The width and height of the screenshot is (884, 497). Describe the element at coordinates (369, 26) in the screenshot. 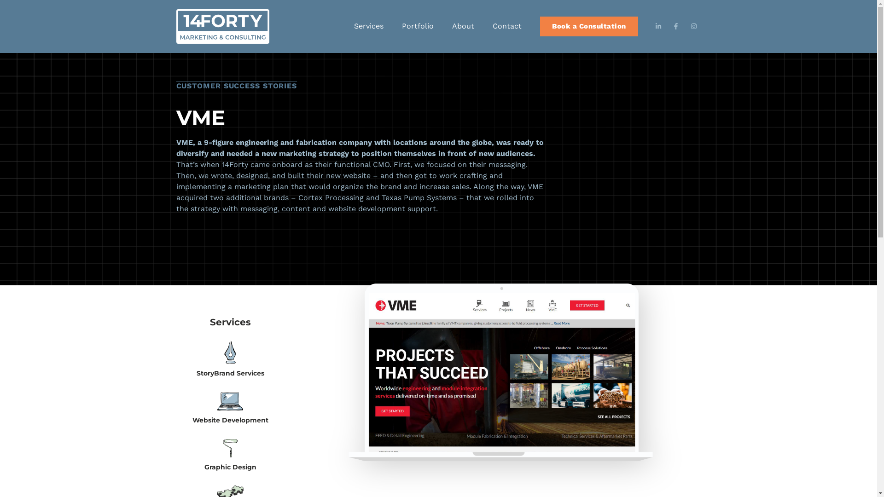

I see `'Services'` at that location.